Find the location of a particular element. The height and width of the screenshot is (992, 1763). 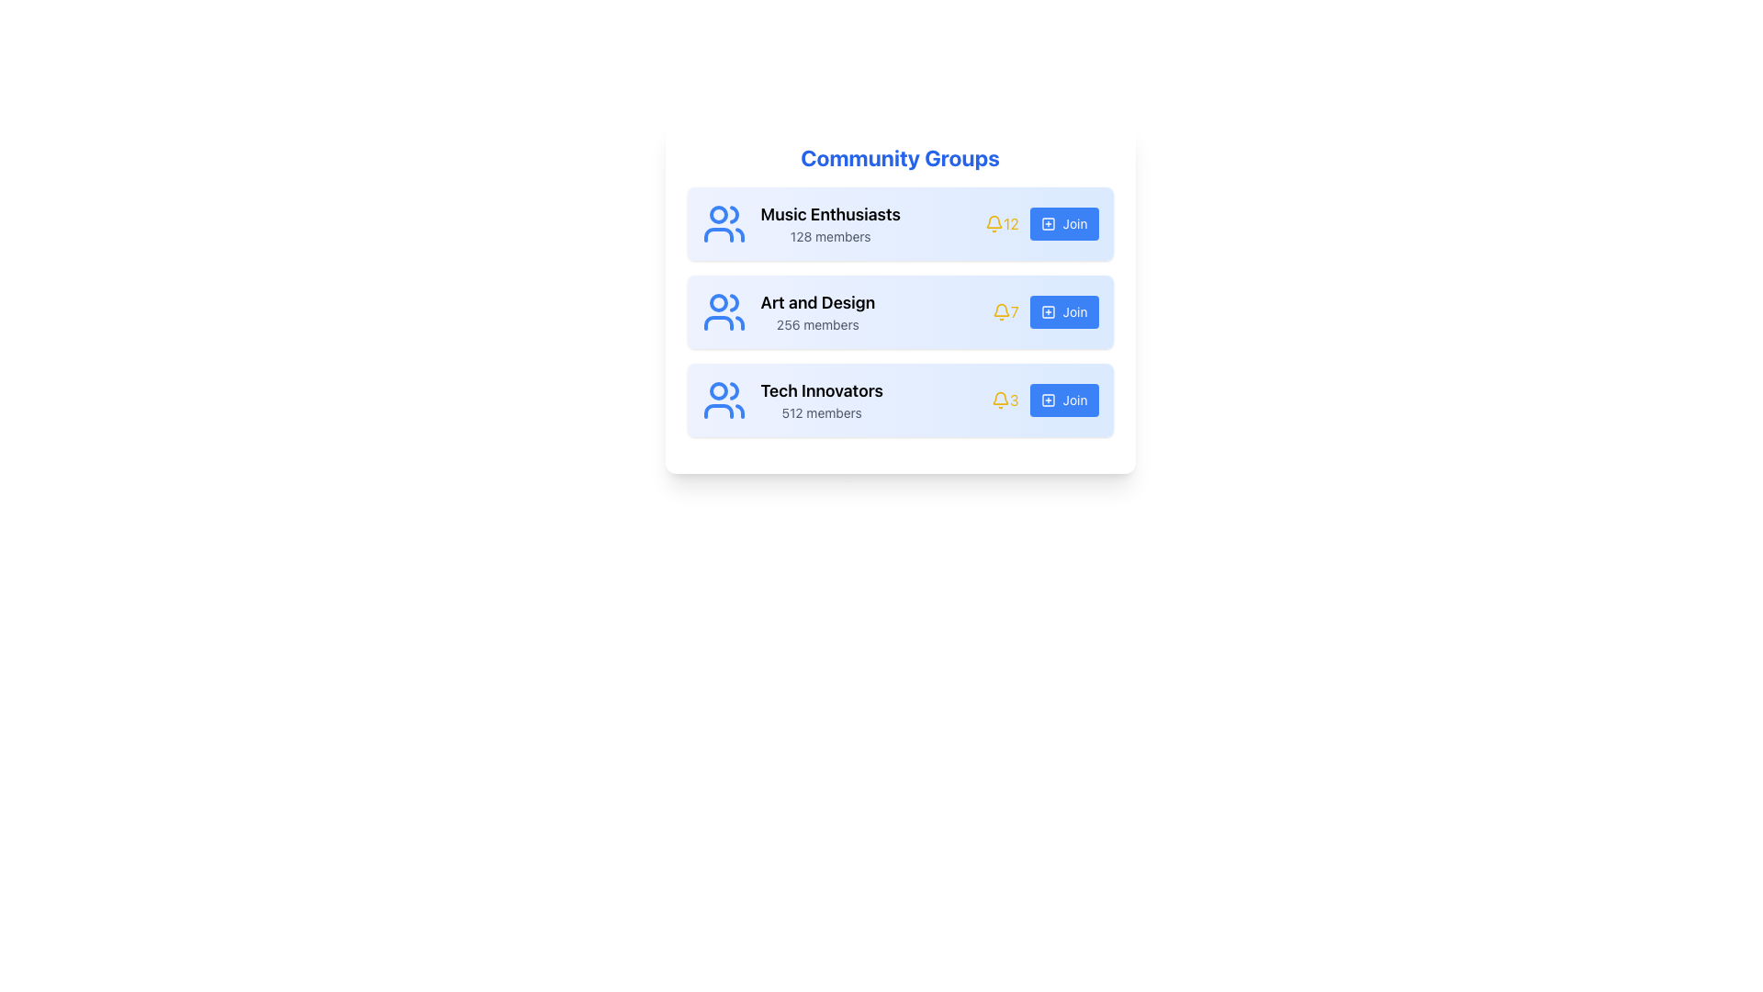

the blue rectangular 'Join' button with a white plus icon is located at coordinates (1064, 310).